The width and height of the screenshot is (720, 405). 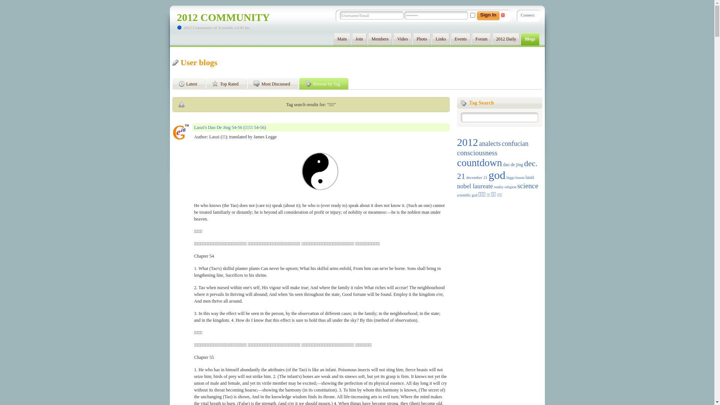 I want to click on 'Connect', so click(x=527, y=15).